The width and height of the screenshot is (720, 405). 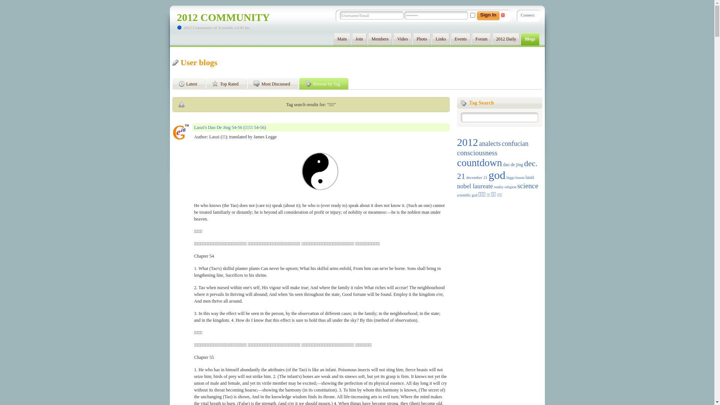 I want to click on 'Connect', so click(x=527, y=15).